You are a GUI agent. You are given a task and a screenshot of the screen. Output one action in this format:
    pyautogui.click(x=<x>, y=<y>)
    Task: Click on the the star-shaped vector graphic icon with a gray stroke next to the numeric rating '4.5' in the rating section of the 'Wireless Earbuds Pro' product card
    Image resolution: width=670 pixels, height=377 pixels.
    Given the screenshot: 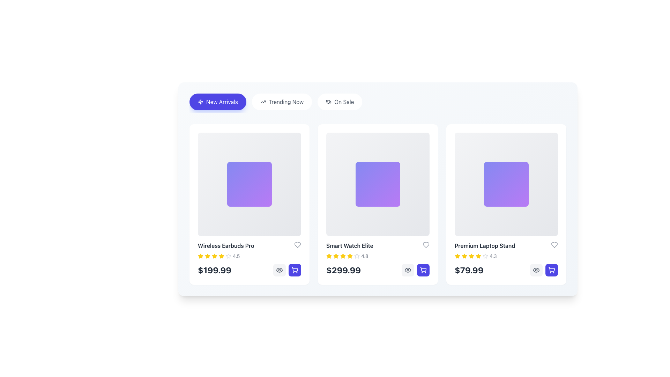 What is the action you would take?
    pyautogui.click(x=228, y=256)
    